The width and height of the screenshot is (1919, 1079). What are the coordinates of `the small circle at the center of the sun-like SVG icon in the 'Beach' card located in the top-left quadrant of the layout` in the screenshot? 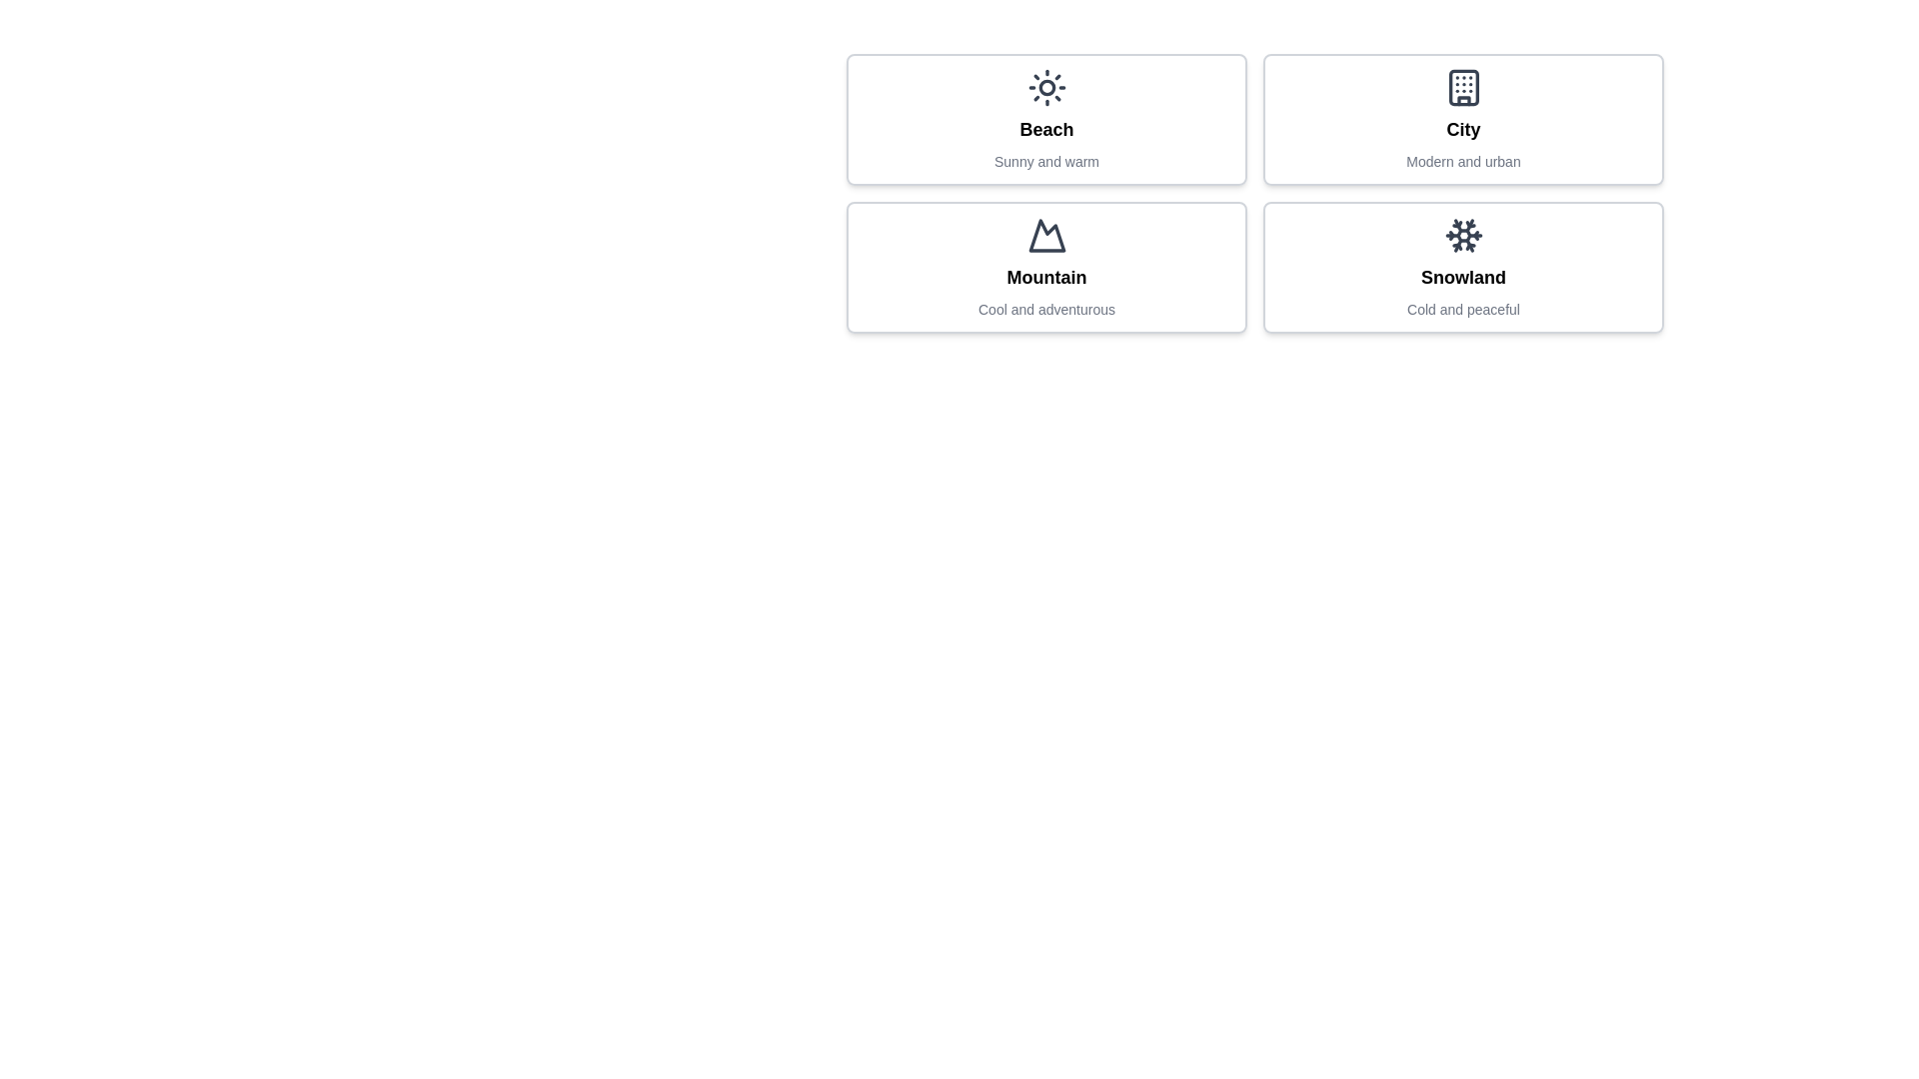 It's located at (1045, 87).